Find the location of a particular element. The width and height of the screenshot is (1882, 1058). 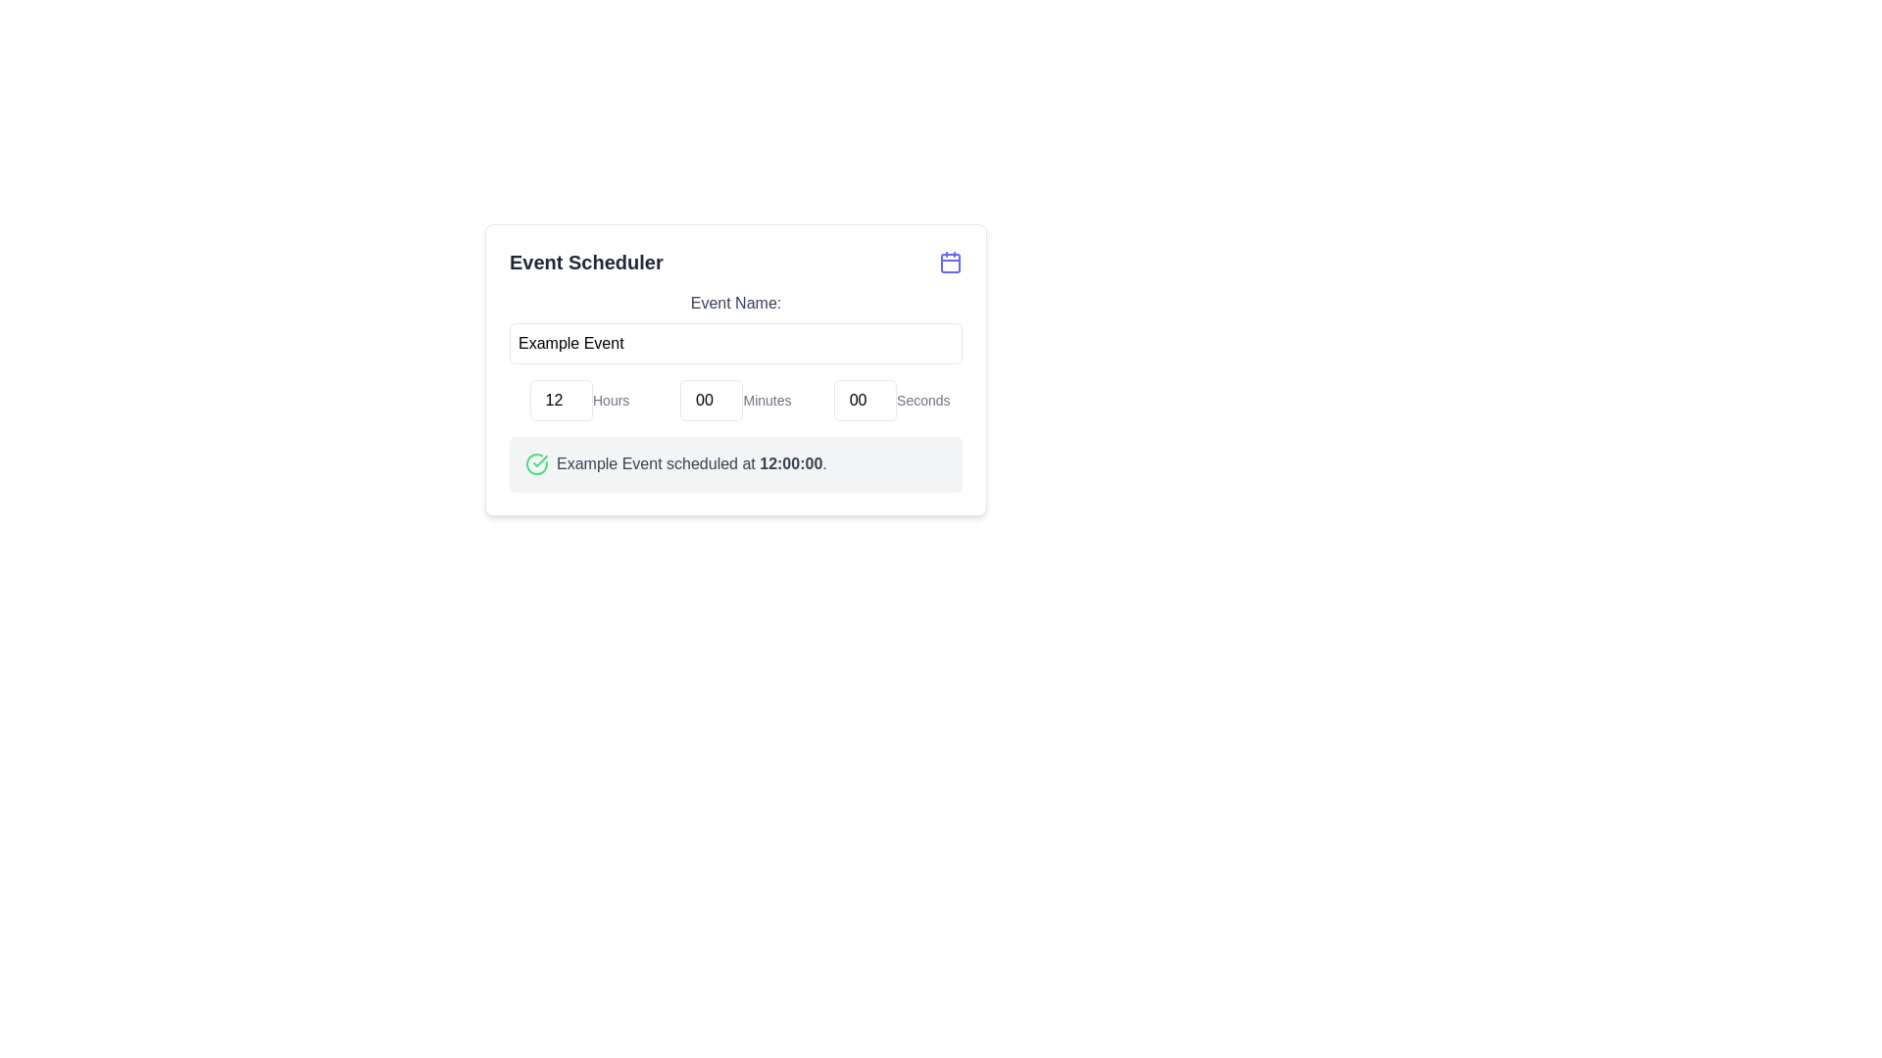

the text label that indicates the seconds part of a time entry in the Event Scheduler interface, positioned to the right of the numeric input box for seconds is located at coordinates (922, 399).